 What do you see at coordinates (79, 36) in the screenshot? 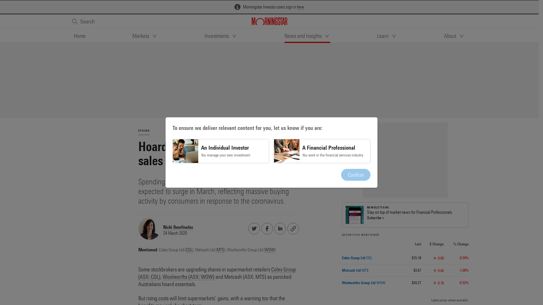
I see `'Home'` at bounding box center [79, 36].